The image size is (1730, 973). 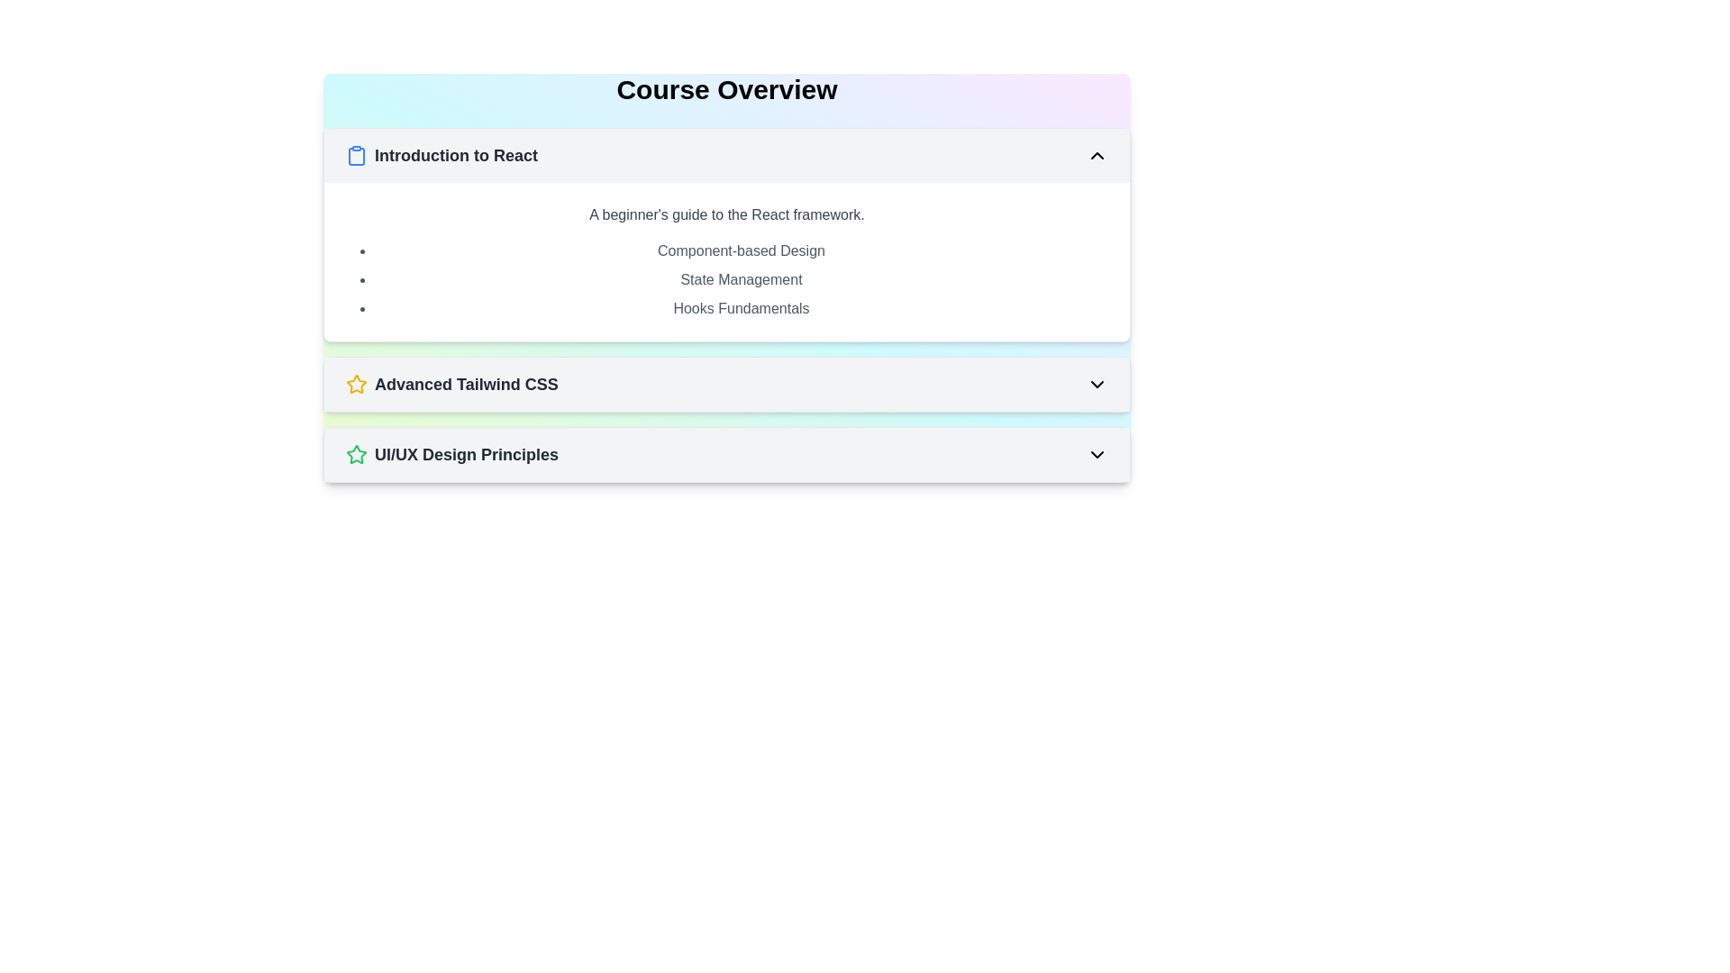 What do you see at coordinates (356, 453) in the screenshot?
I see `the star-shaped icon with a green outline located to the left of the text 'Advanced Tailwind CSS' in the second item of the list within the 'Course Overview' section` at bounding box center [356, 453].